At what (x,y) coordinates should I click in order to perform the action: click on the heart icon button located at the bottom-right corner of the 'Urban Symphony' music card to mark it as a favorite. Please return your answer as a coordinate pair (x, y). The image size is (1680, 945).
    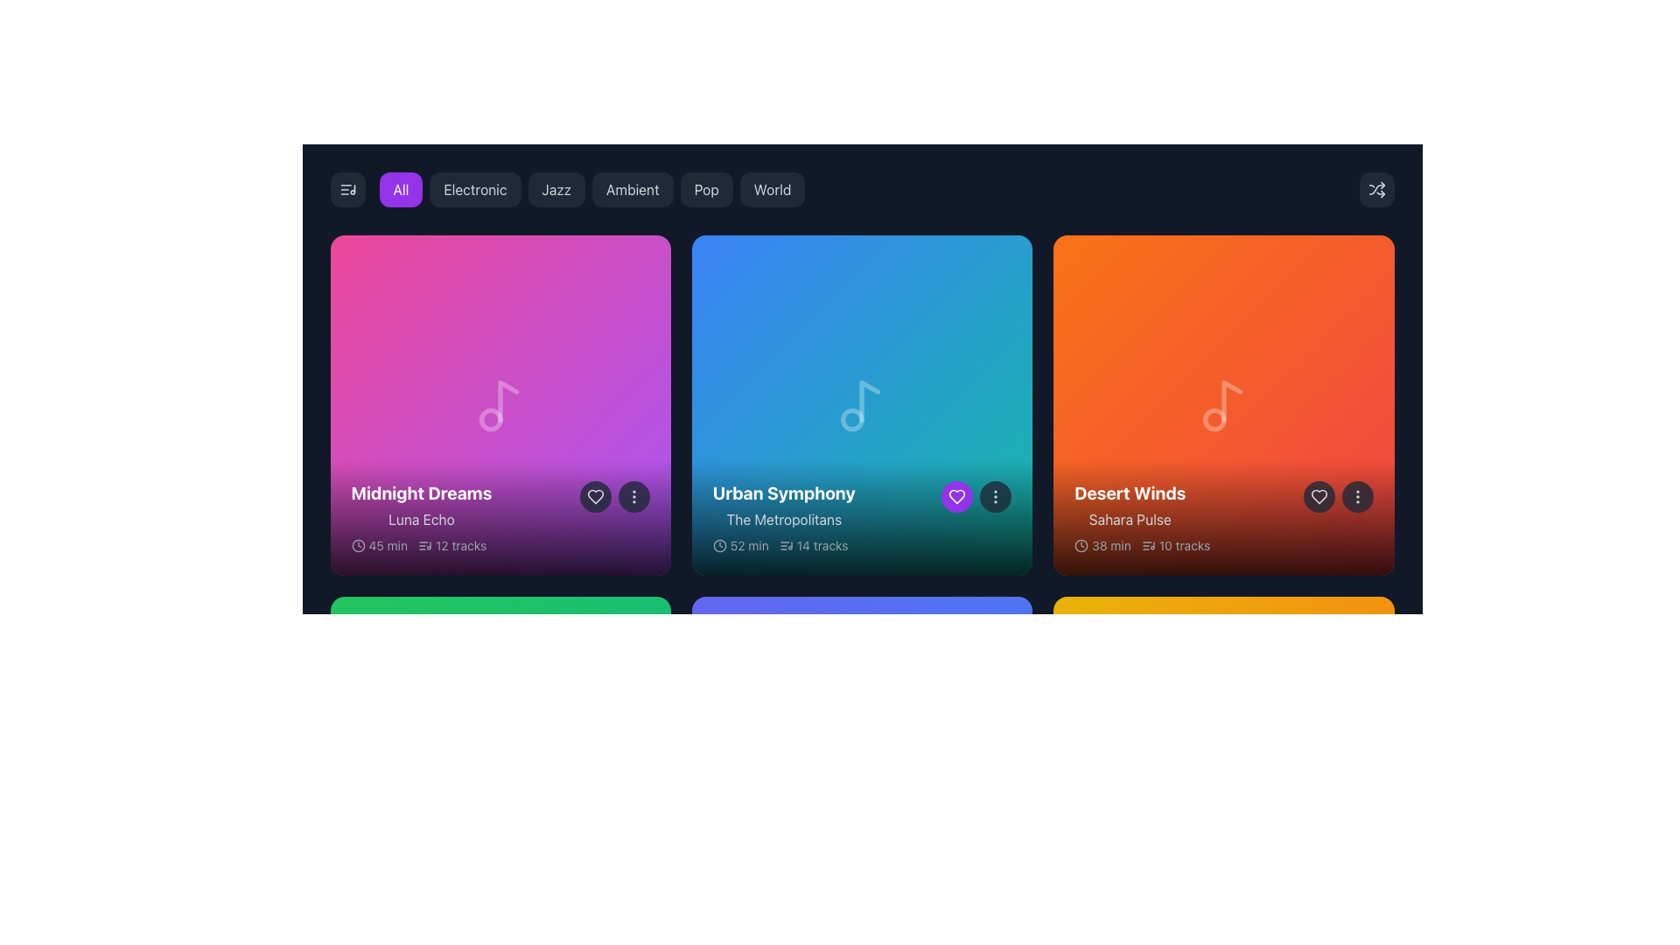
    Looking at the image, I should click on (956, 497).